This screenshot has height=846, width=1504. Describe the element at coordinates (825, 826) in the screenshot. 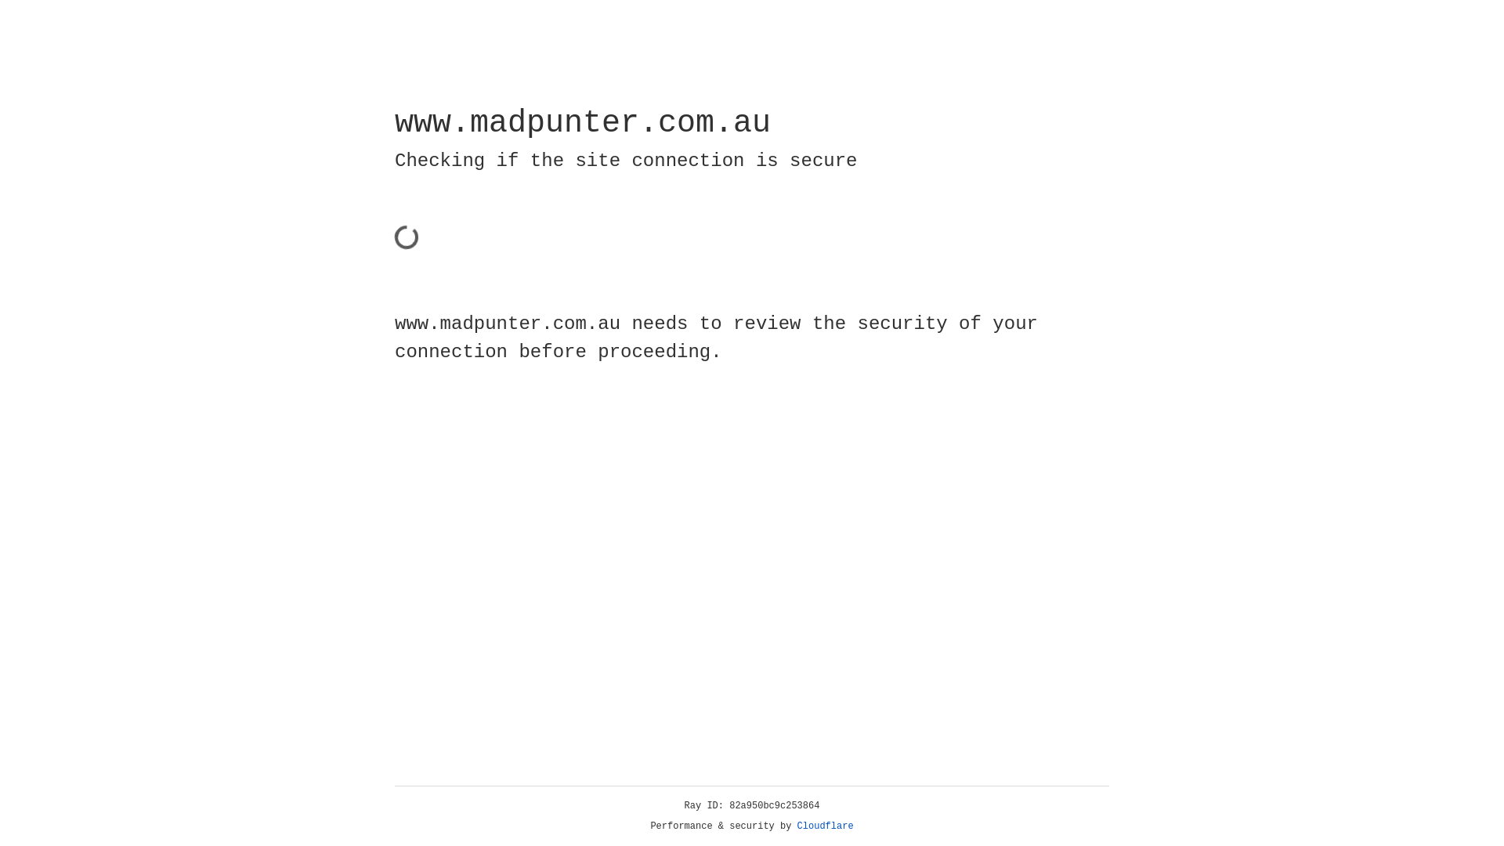

I see `'Cloudflare'` at that location.